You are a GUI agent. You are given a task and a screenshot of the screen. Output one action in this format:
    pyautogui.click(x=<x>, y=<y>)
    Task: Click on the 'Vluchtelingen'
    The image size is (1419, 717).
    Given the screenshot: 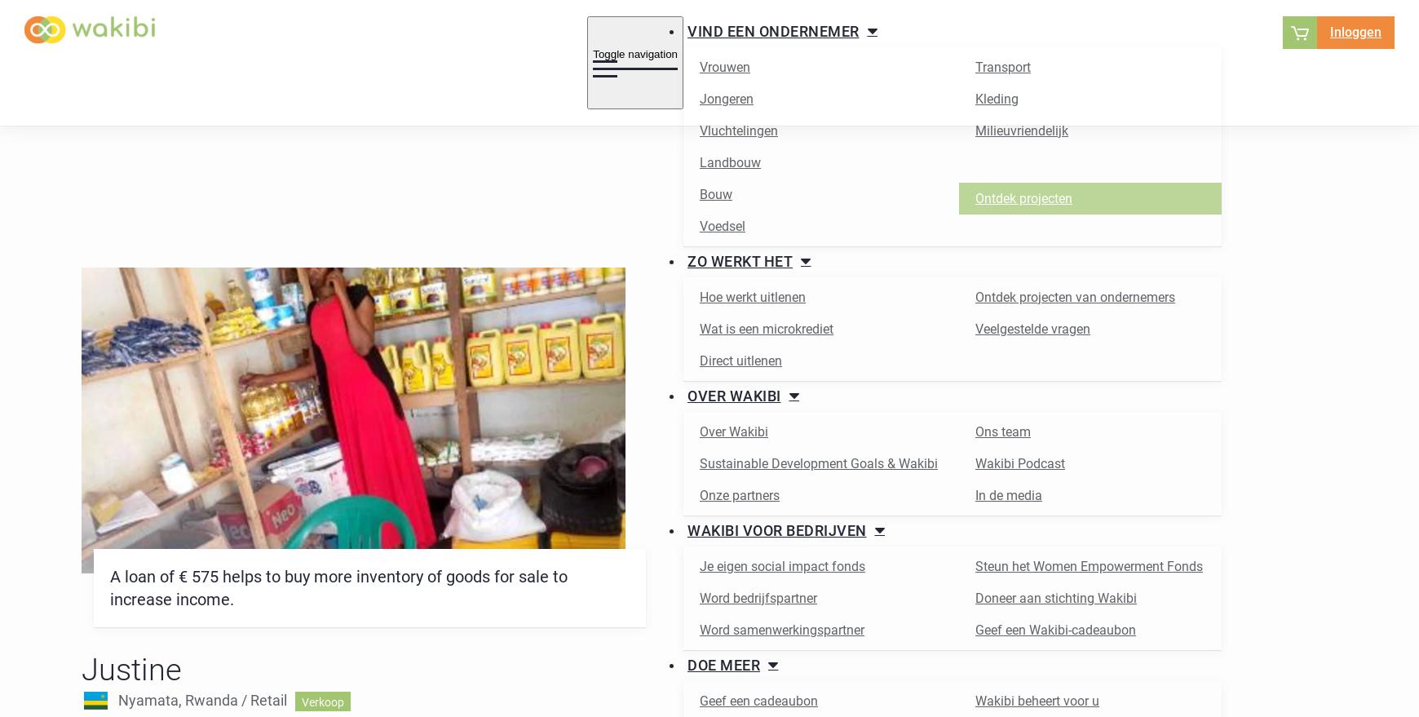 What is the action you would take?
    pyautogui.click(x=738, y=130)
    